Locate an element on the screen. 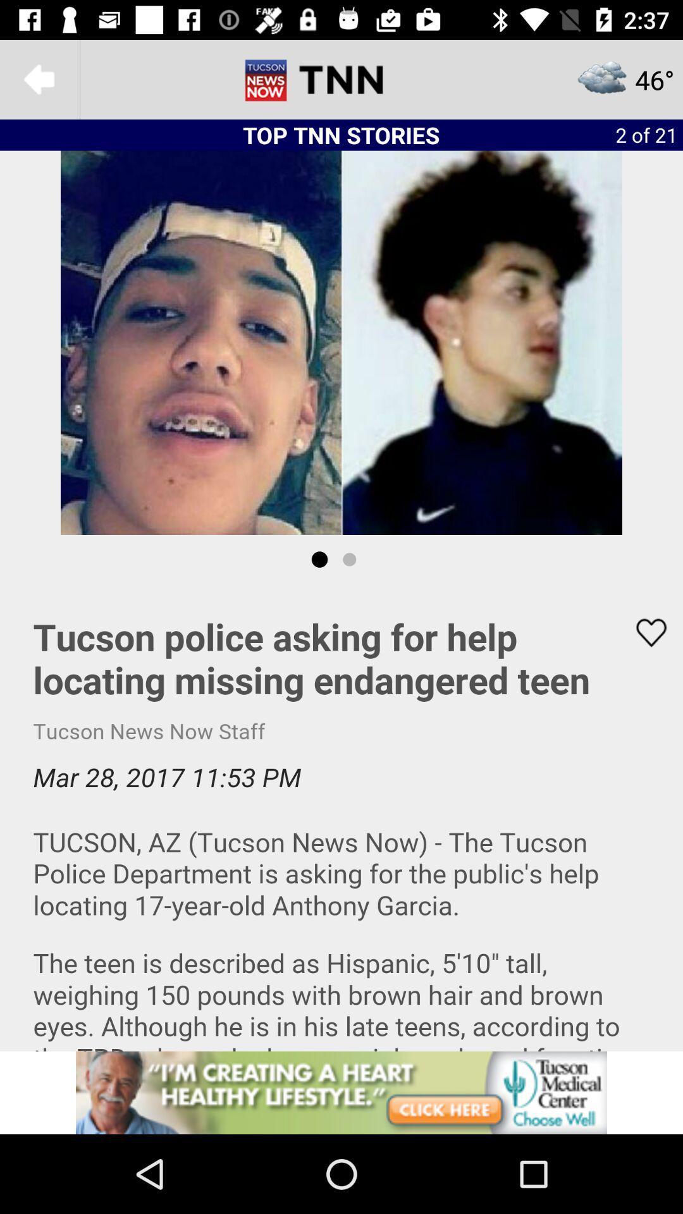 The height and width of the screenshot is (1214, 683). tnn option is located at coordinates (341, 78).